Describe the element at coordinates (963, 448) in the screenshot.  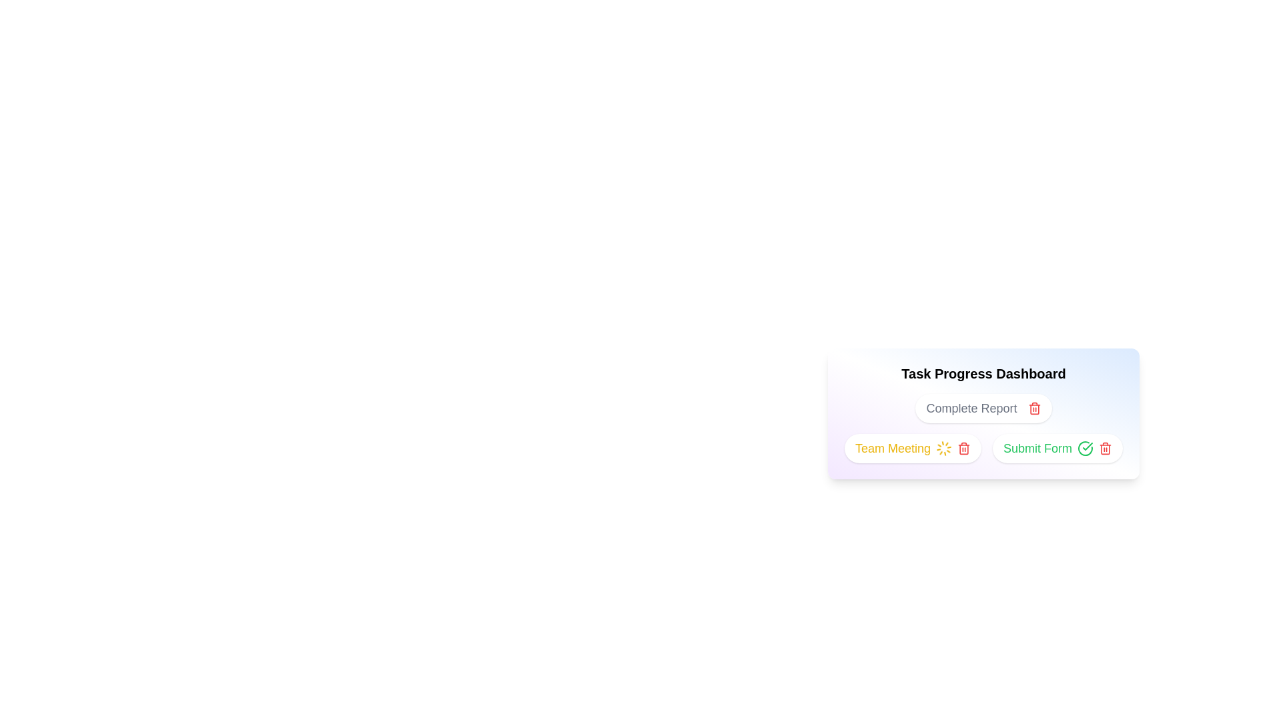
I see `delete button for the task titled Team Meeting` at that location.